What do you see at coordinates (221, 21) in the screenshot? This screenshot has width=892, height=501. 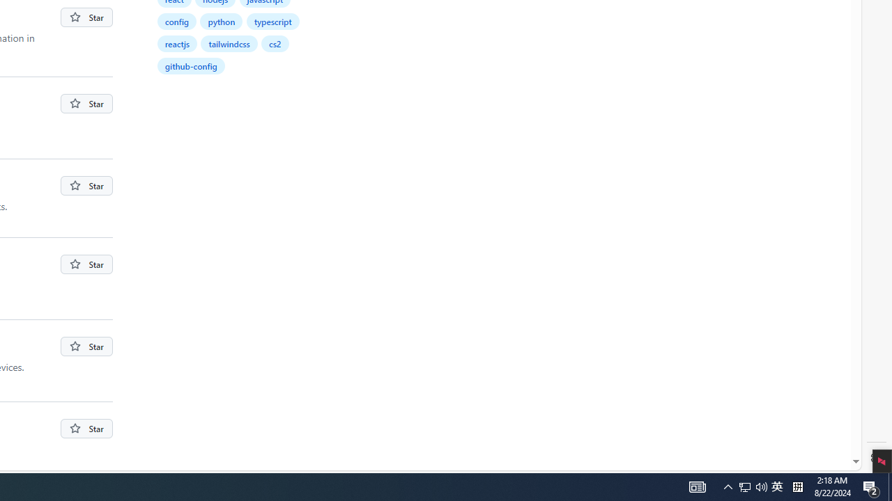 I see `'python'` at bounding box center [221, 21].